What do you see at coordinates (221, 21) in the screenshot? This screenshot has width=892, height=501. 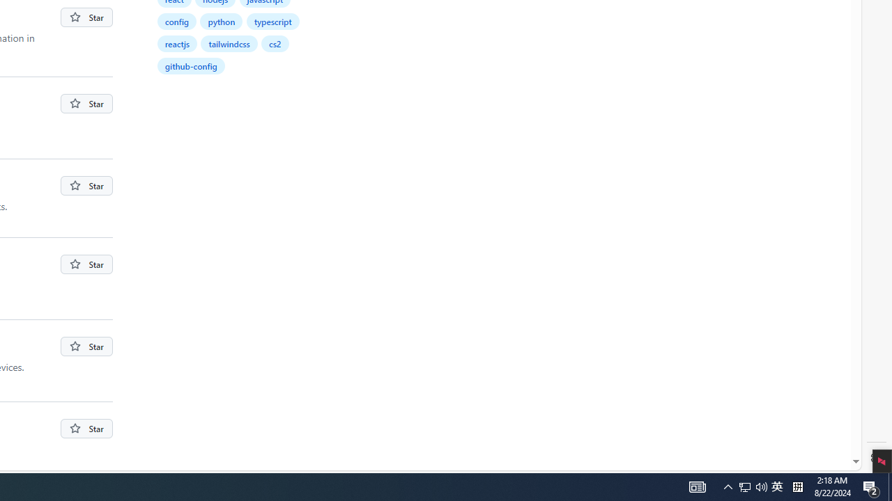 I see `'python'` at bounding box center [221, 21].